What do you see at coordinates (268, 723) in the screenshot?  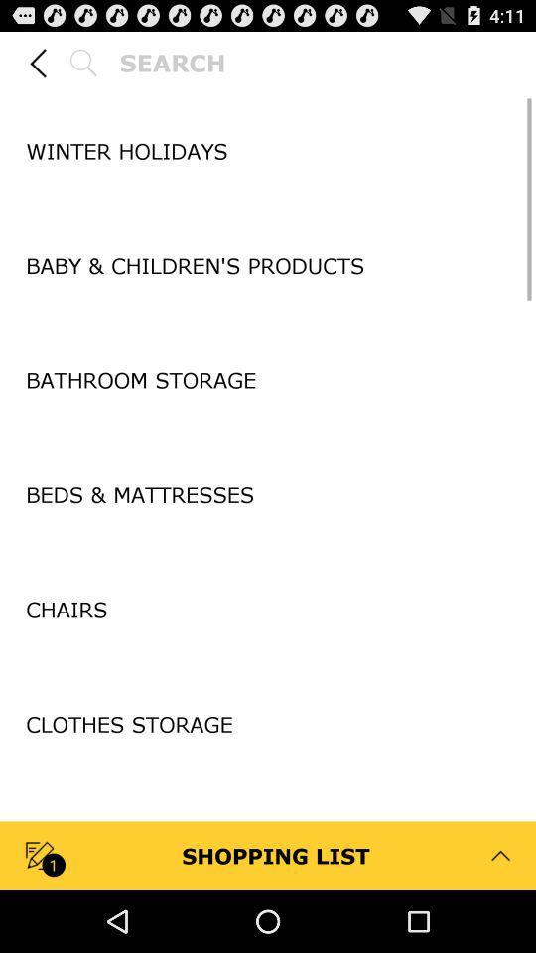 I see `the clothes storage item` at bounding box center [268, 723].